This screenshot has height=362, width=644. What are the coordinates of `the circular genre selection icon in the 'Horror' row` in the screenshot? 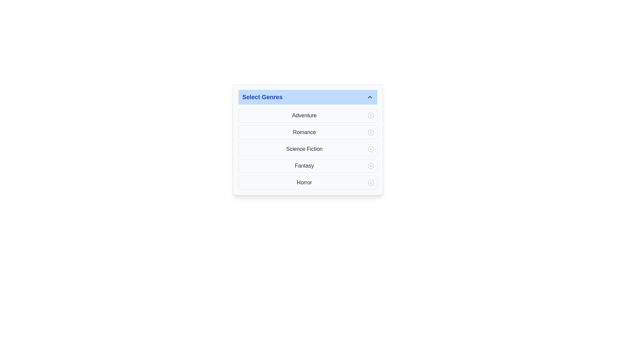 It's located at (370, 182).